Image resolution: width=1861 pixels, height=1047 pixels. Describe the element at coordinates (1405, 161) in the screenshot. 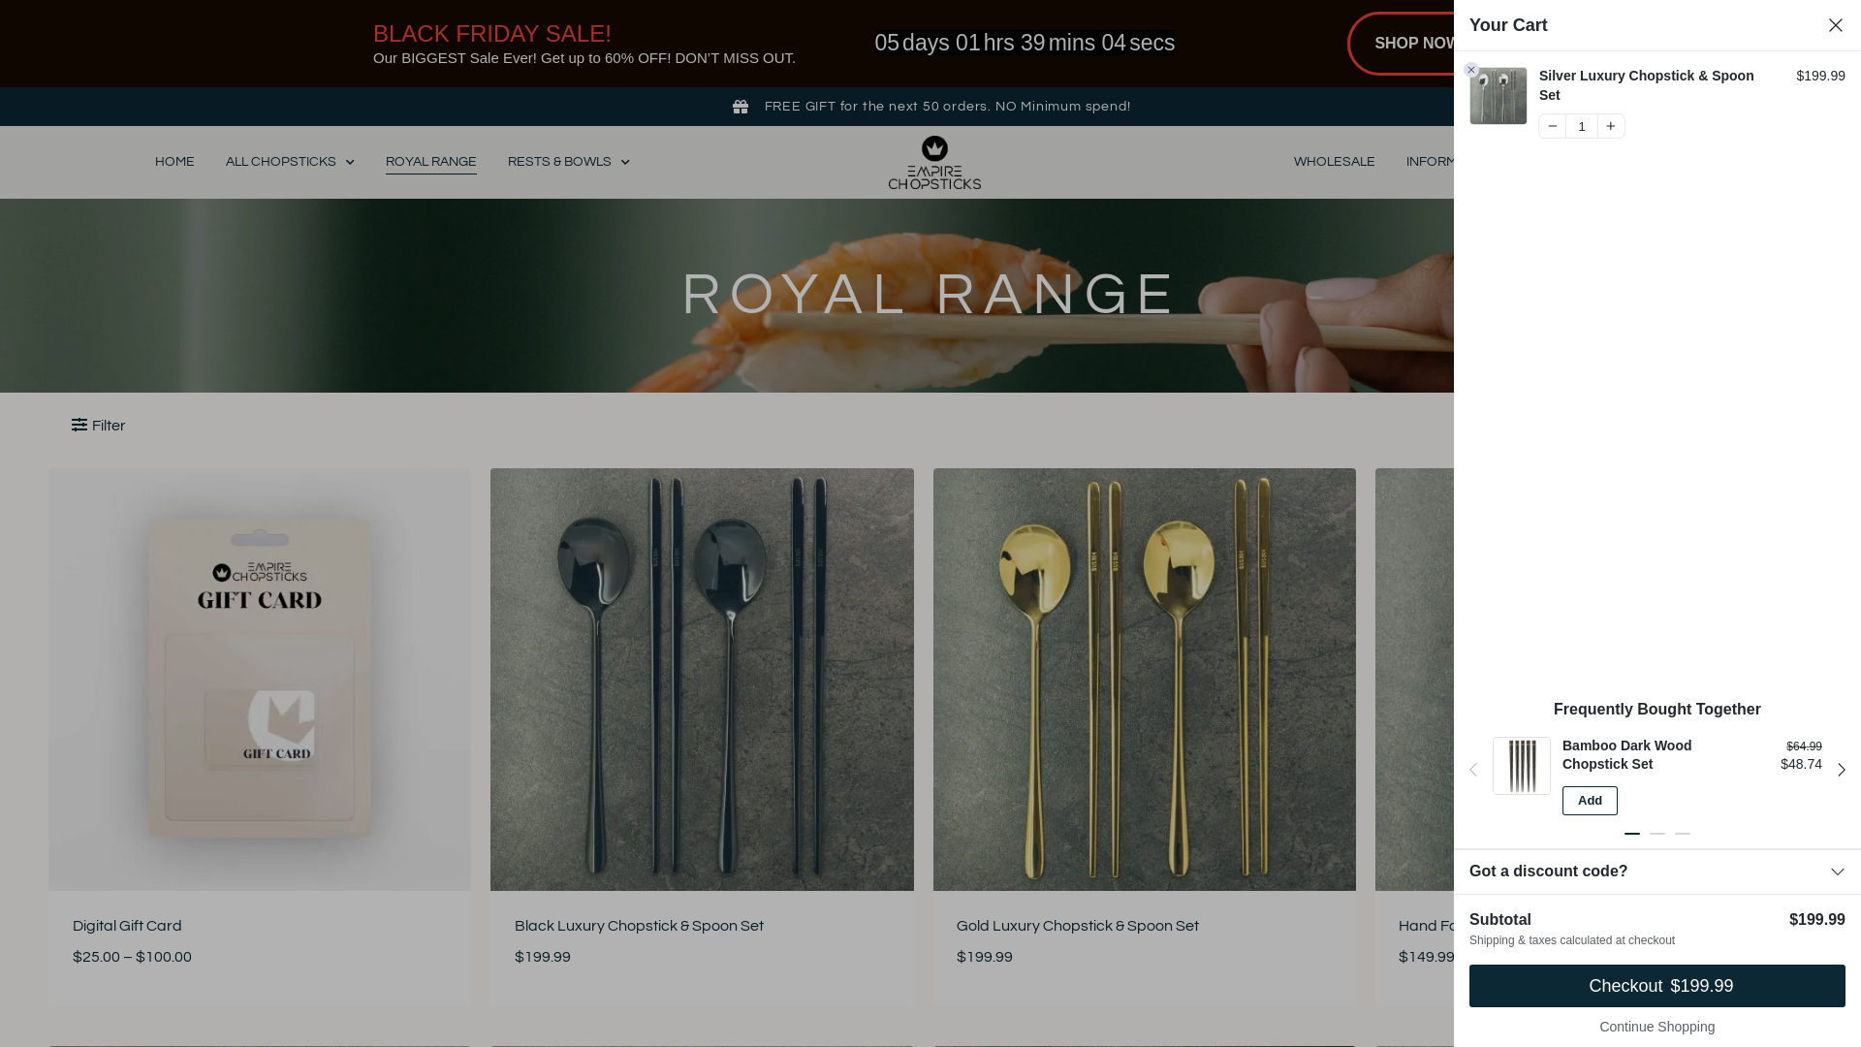

I see `'INFORMATION'` at that location.